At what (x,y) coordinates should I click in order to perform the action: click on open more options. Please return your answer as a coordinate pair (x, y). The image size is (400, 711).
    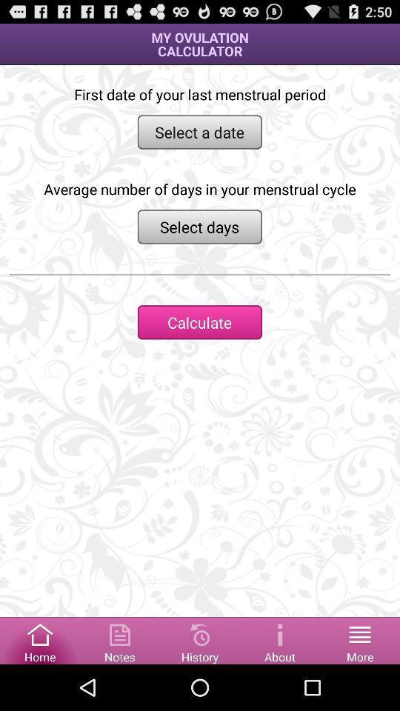
    Looking at the image, I should click on (359, 639).